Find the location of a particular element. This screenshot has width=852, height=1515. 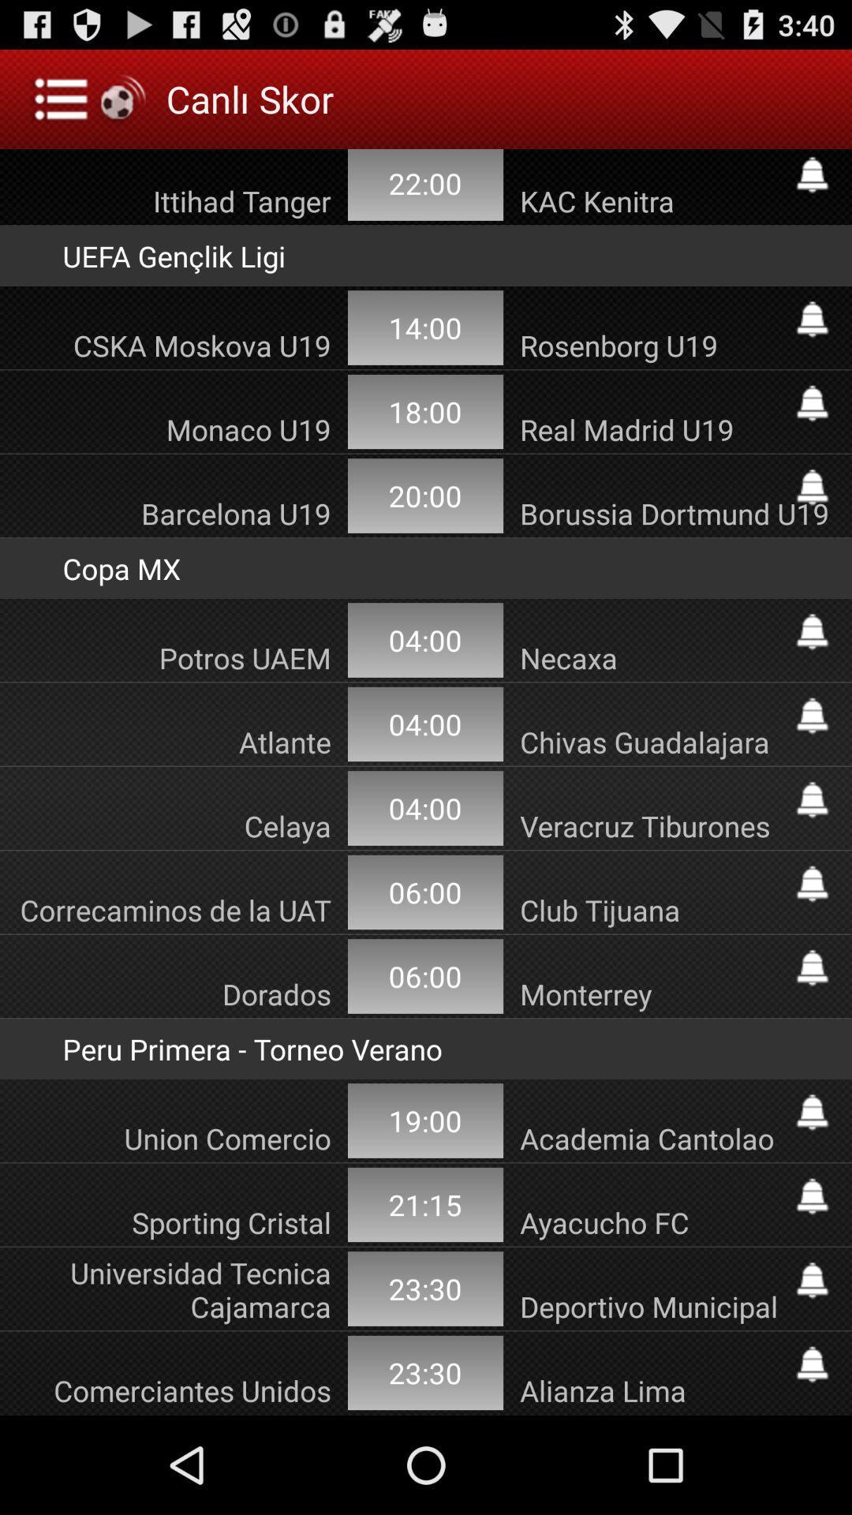

turn on notifications is located at coordinates (812, 884).